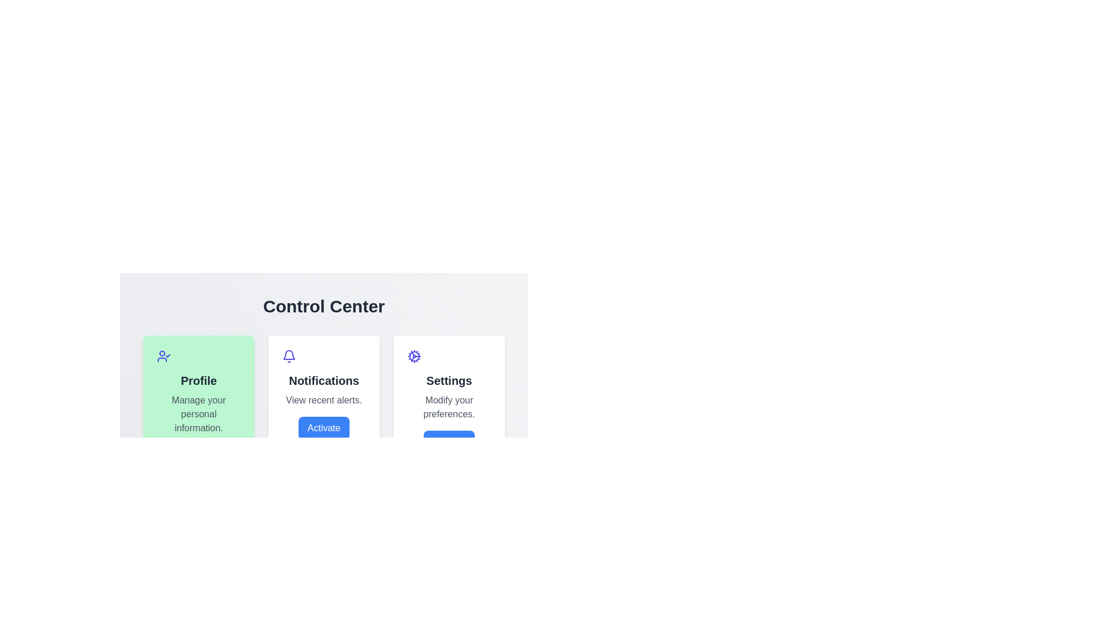 The width and height of the screenshot is (1113, 626). Describe the element at coordinates (198, 380) in the screenshot. I see `the 'Profile' text label, which is bold and prominently displayed on a green background, located below an icon and above a description text` at that location.